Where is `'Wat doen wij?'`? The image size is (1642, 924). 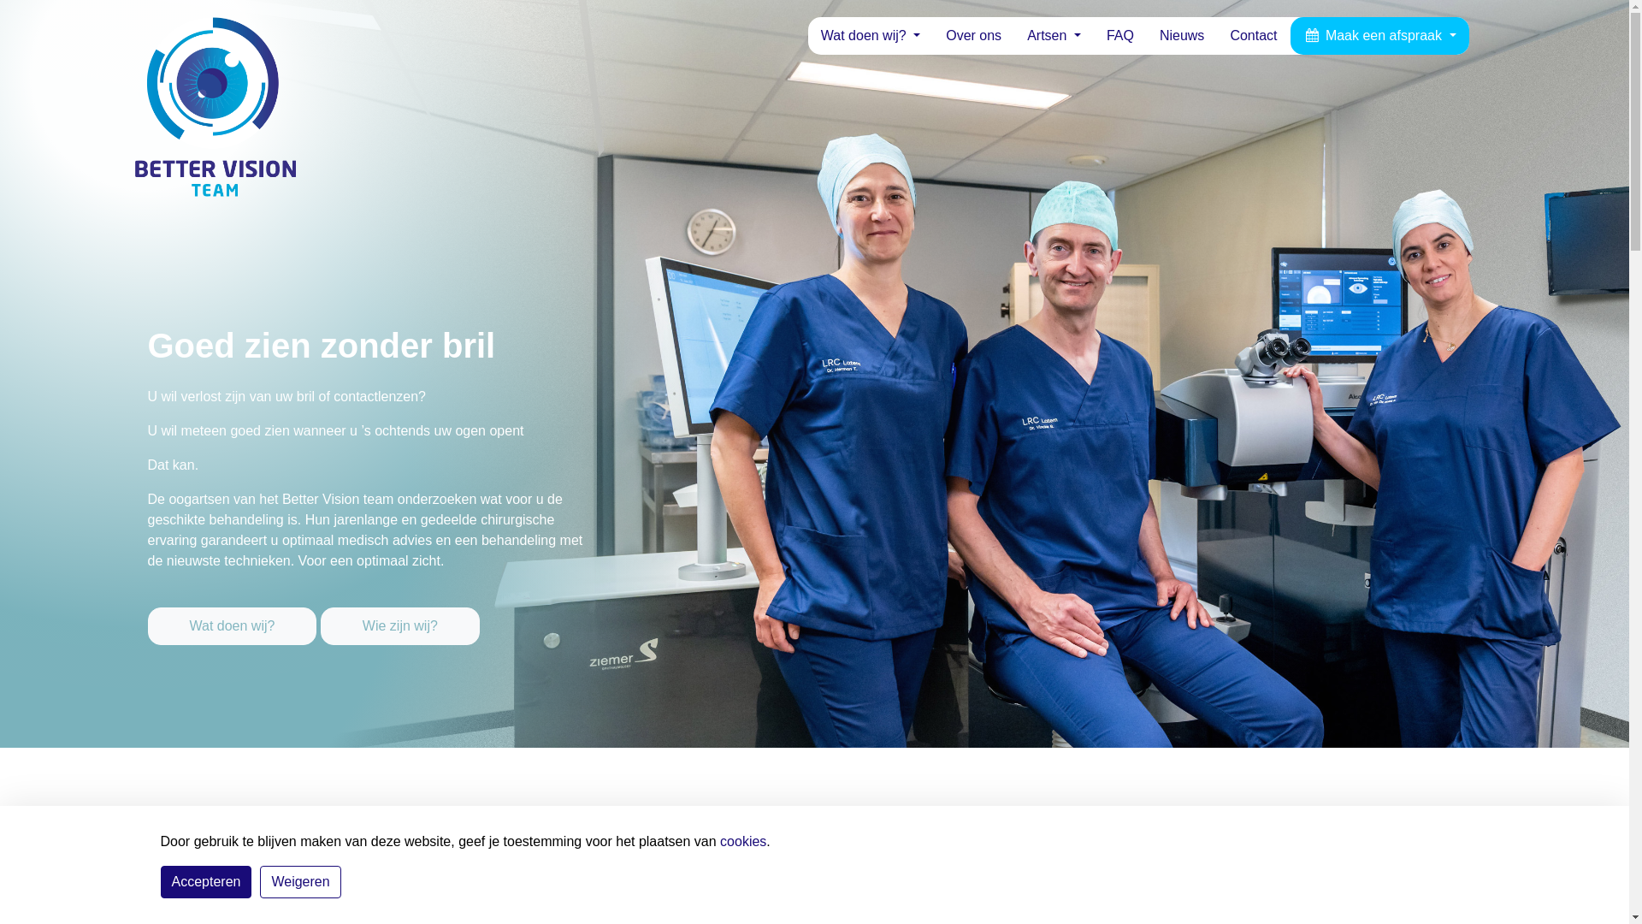 'Wat doen wij?' is located at coordinates (147, 626).